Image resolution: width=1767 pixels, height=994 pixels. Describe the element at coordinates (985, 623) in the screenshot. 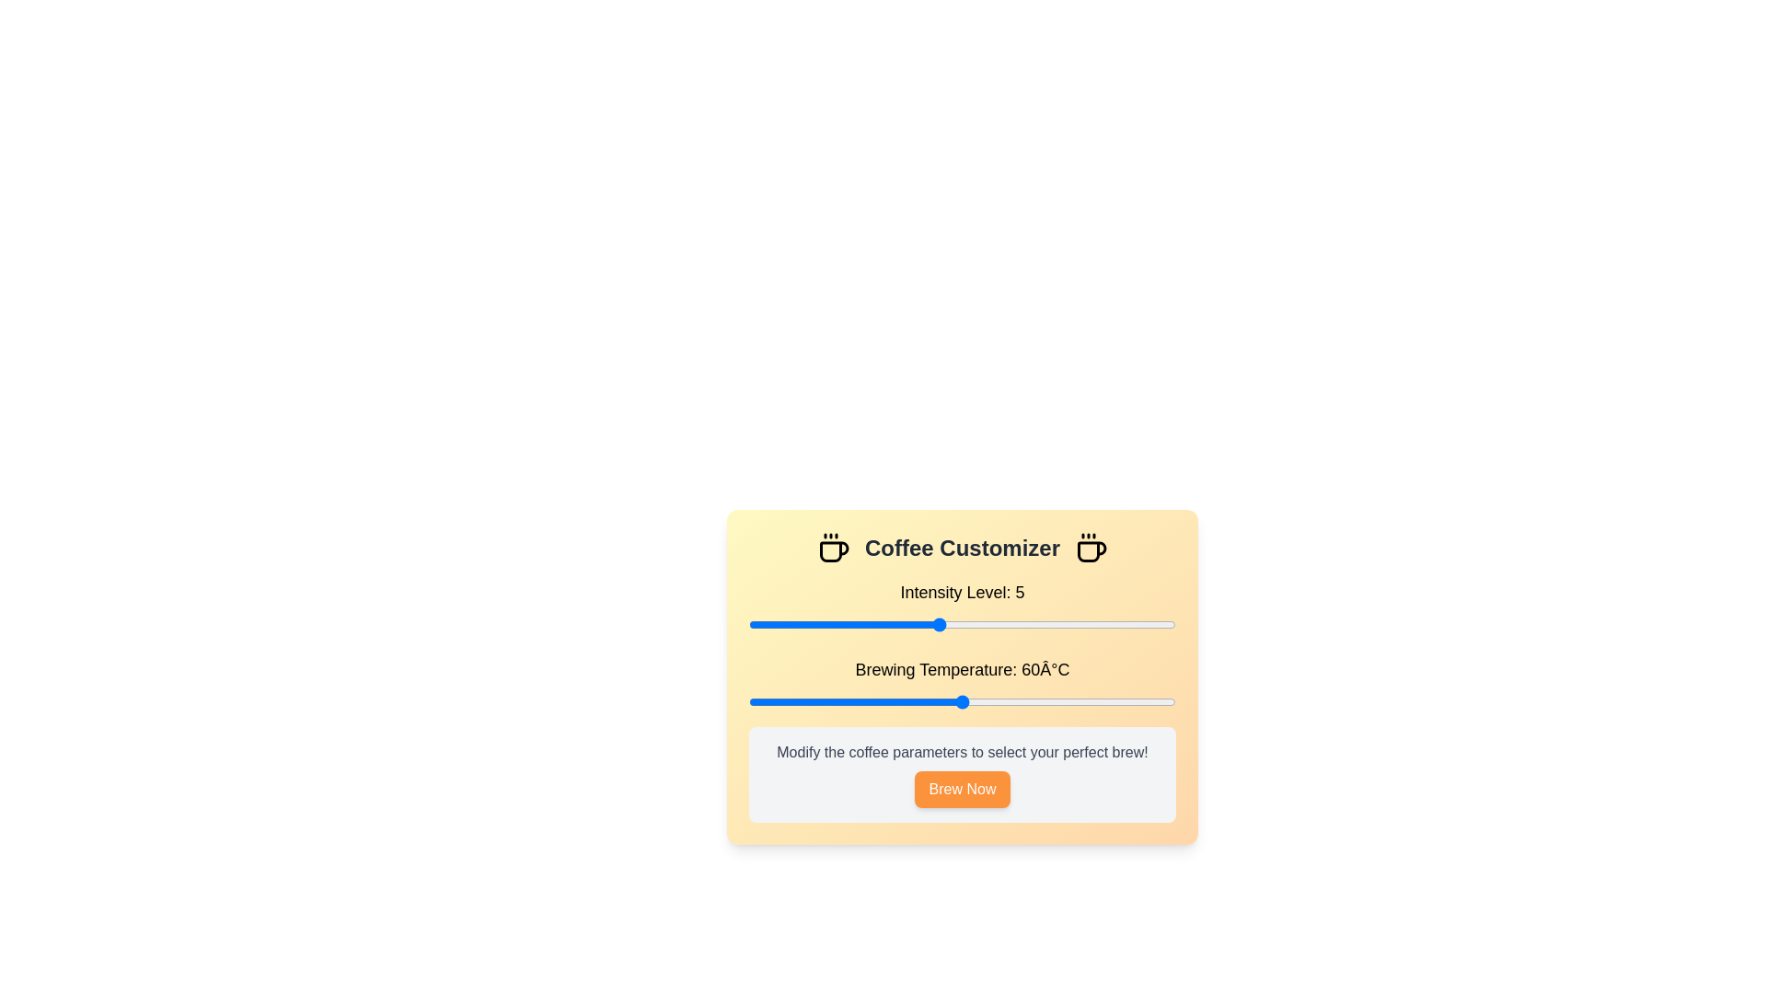

I see `the coffee intensity level to 6 by interacting with the slider` at that location.